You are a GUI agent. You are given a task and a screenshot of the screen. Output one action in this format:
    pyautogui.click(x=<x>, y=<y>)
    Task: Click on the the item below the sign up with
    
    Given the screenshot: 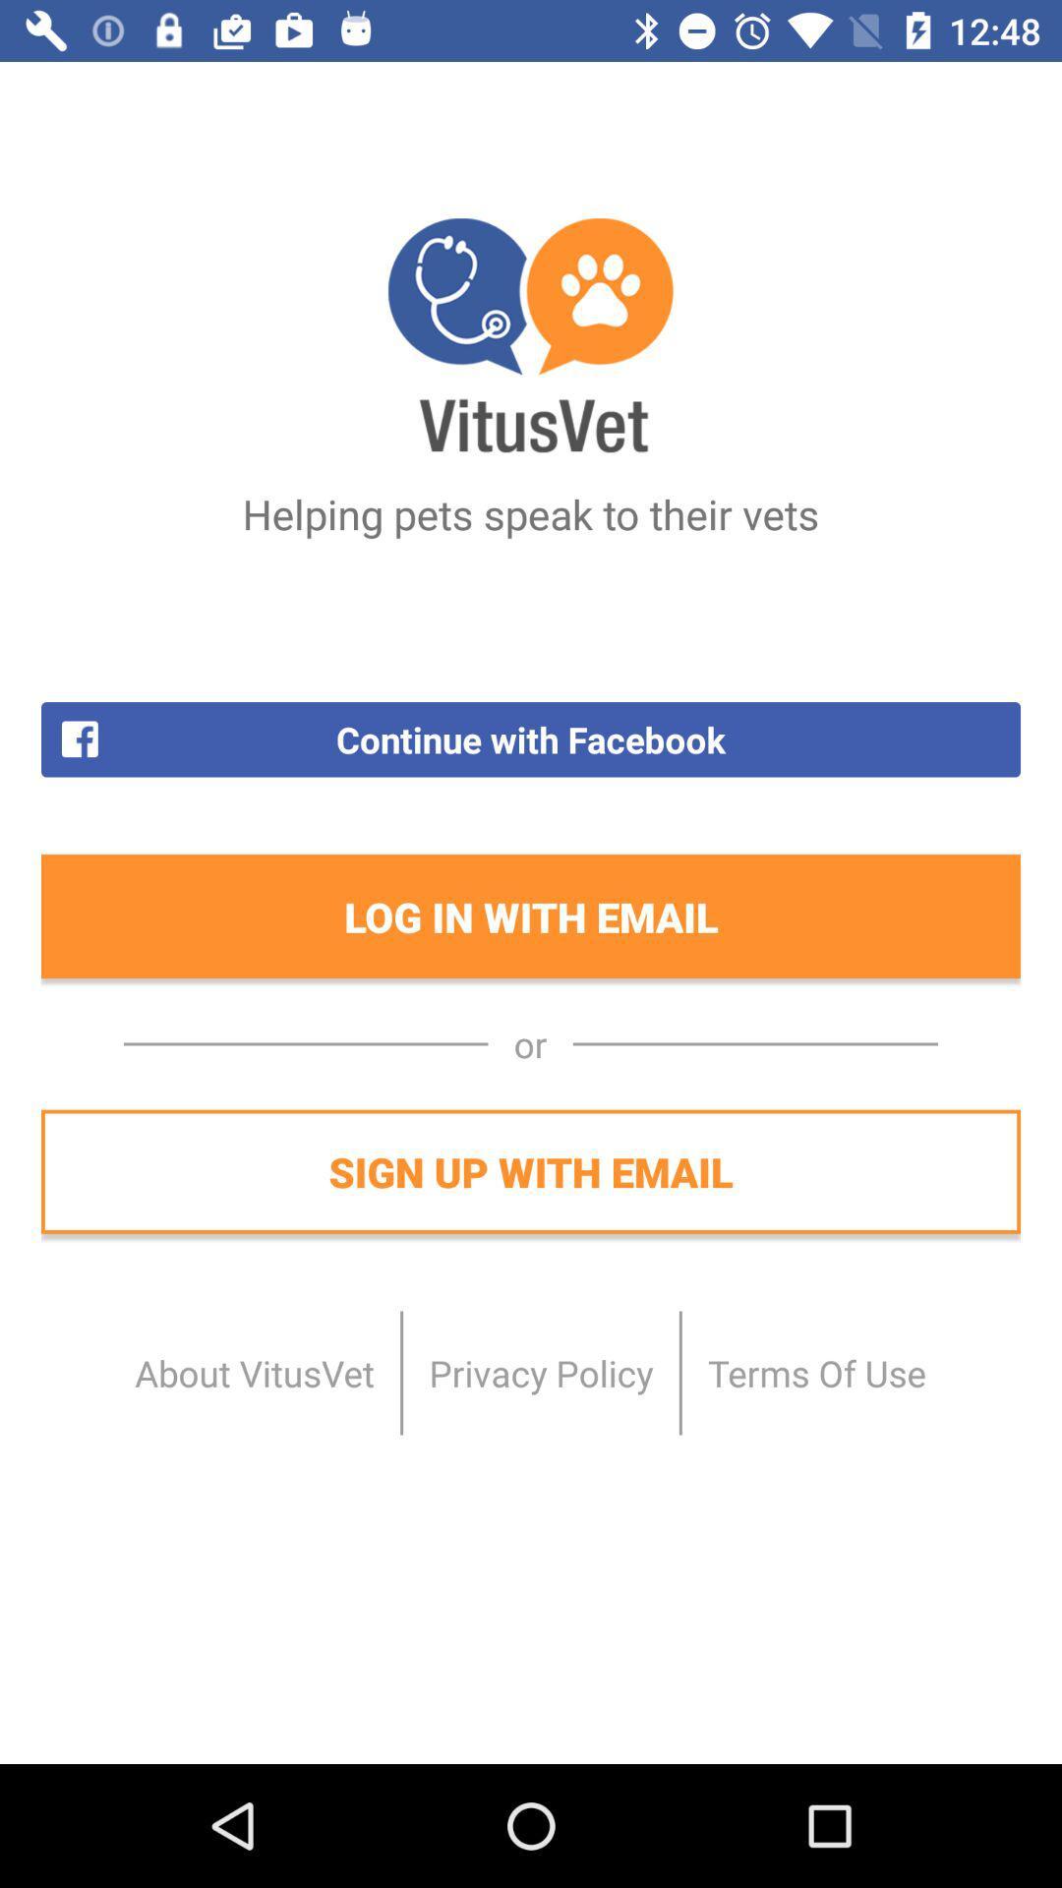 What is the action you would take?
    pyautogui.click(x=254, y=1372)
    